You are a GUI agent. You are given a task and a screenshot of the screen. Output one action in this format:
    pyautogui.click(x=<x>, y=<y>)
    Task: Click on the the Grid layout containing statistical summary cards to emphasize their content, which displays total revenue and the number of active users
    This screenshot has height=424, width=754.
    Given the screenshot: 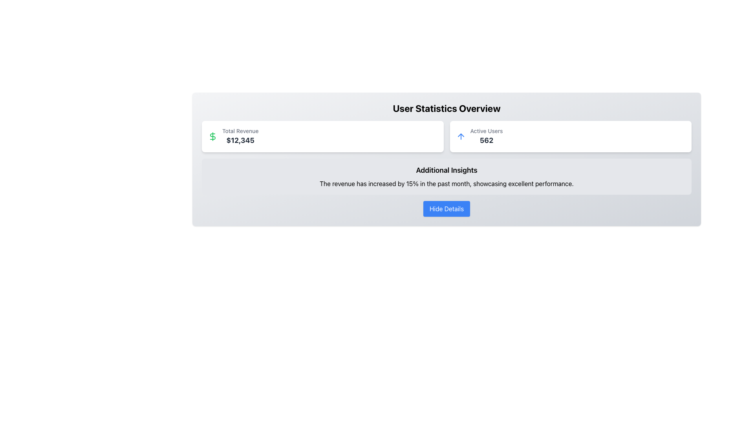 What is the action you would take?
    pyautogui.click(x=447, y=136)
    